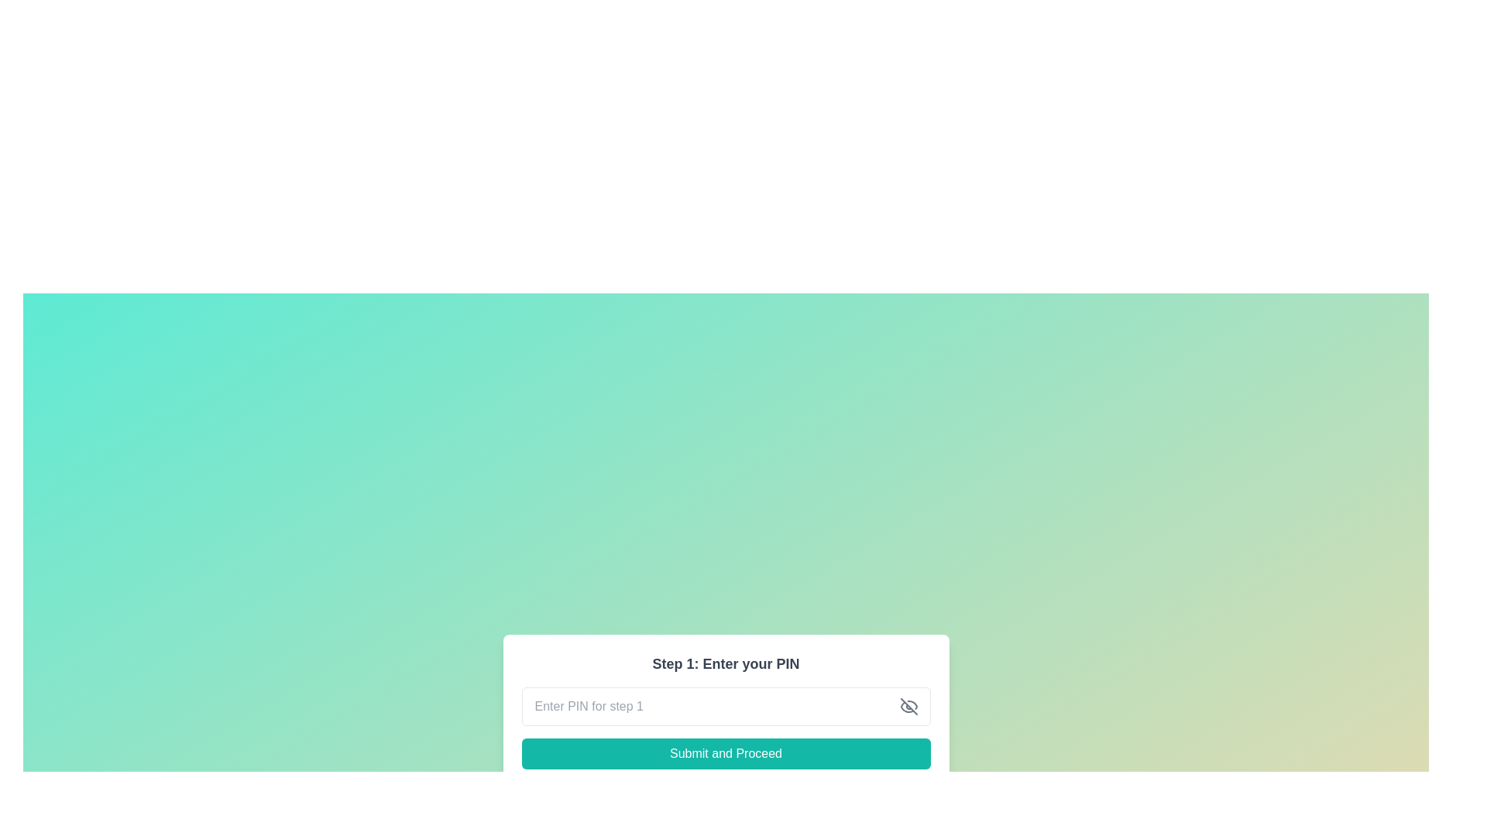 Image resolution: width=1487 pixels, height=836 pixels. Describe the element at coordinates (908, 707) in the screenshot. I see `the 'eye off' icon, which is represented by a diagonal strikethrough line, to toggle visibility` at that location.